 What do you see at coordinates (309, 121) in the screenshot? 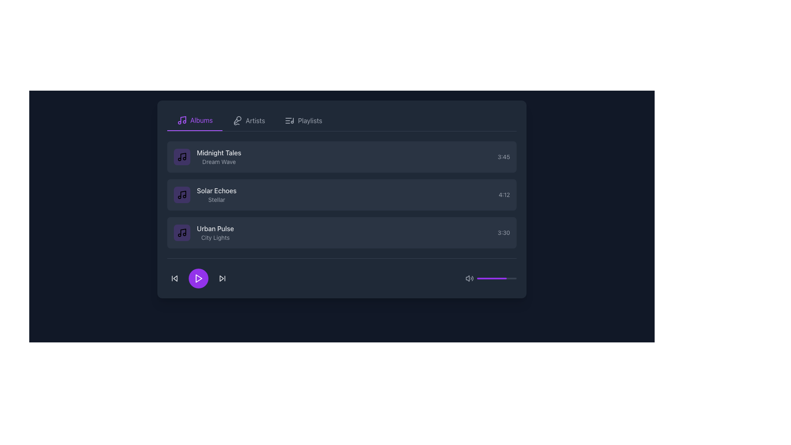
I see `the 'Playlists' text label in the upper navigation bar to activate hover effects` at bounding box center [309, 121].